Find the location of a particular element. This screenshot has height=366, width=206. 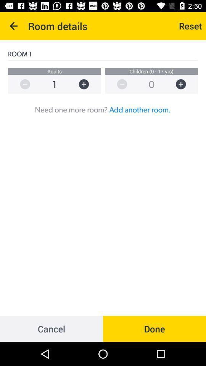

negate value is located at coordinates (118, 84).